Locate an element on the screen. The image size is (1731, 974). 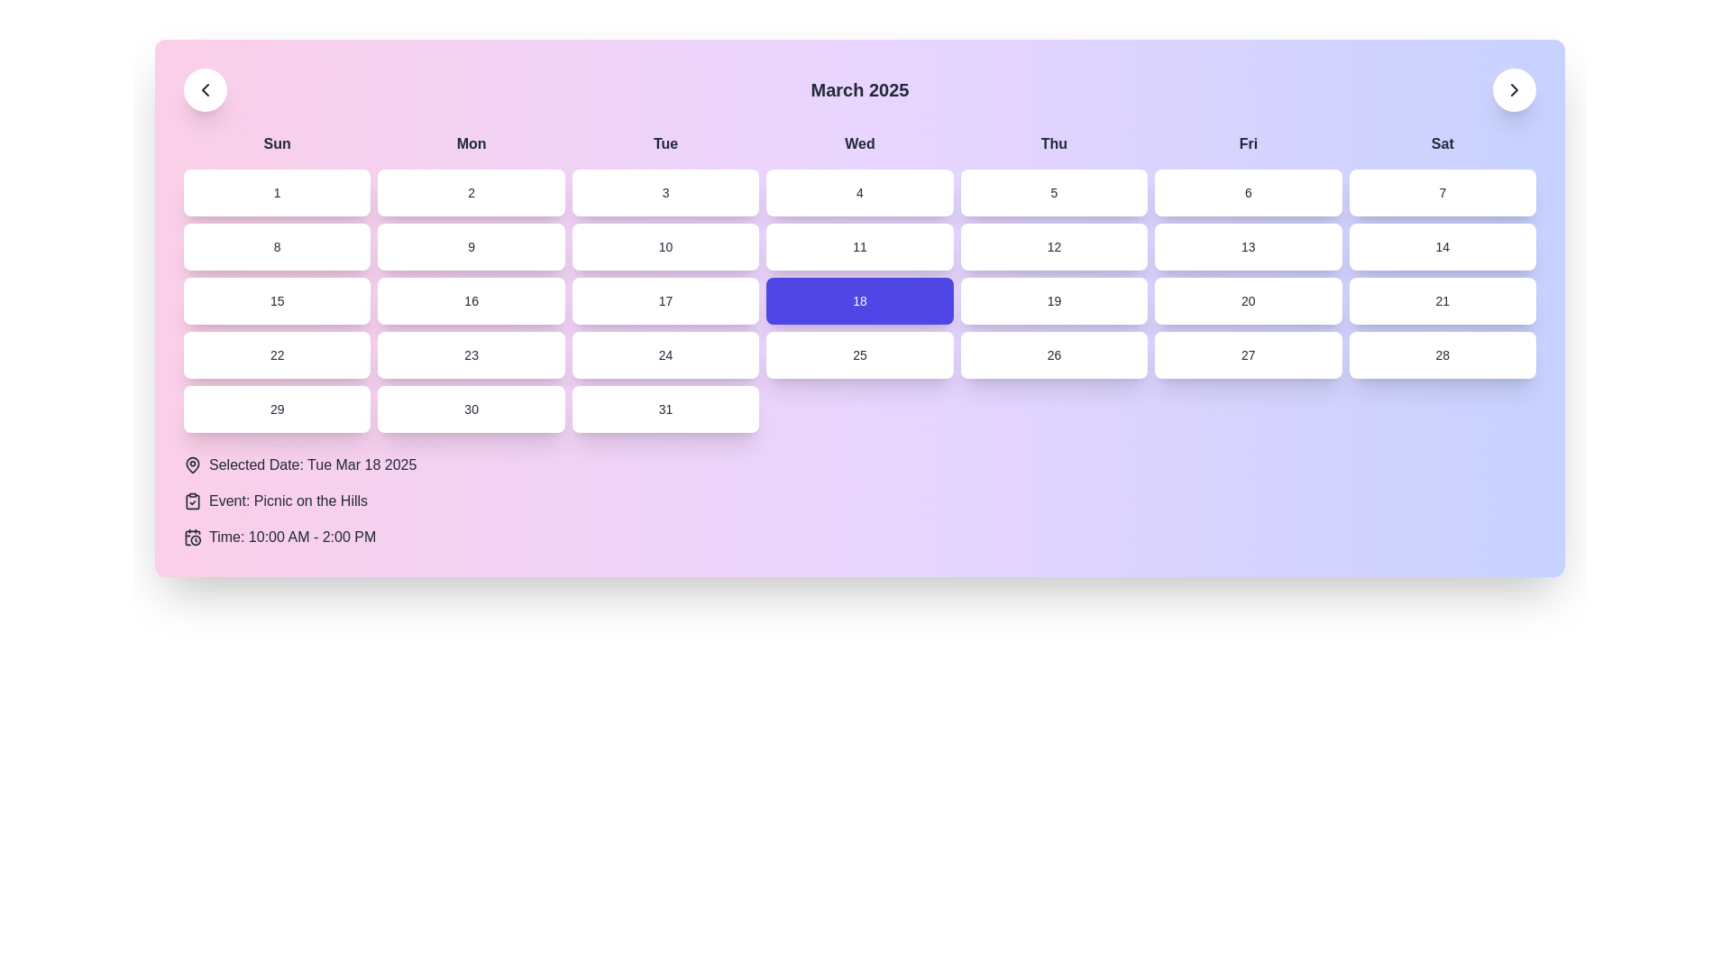
the text label reading 'March 2025', which is centrally aligned within the top bar of the calendar interface is located at coordinates (859, 90).